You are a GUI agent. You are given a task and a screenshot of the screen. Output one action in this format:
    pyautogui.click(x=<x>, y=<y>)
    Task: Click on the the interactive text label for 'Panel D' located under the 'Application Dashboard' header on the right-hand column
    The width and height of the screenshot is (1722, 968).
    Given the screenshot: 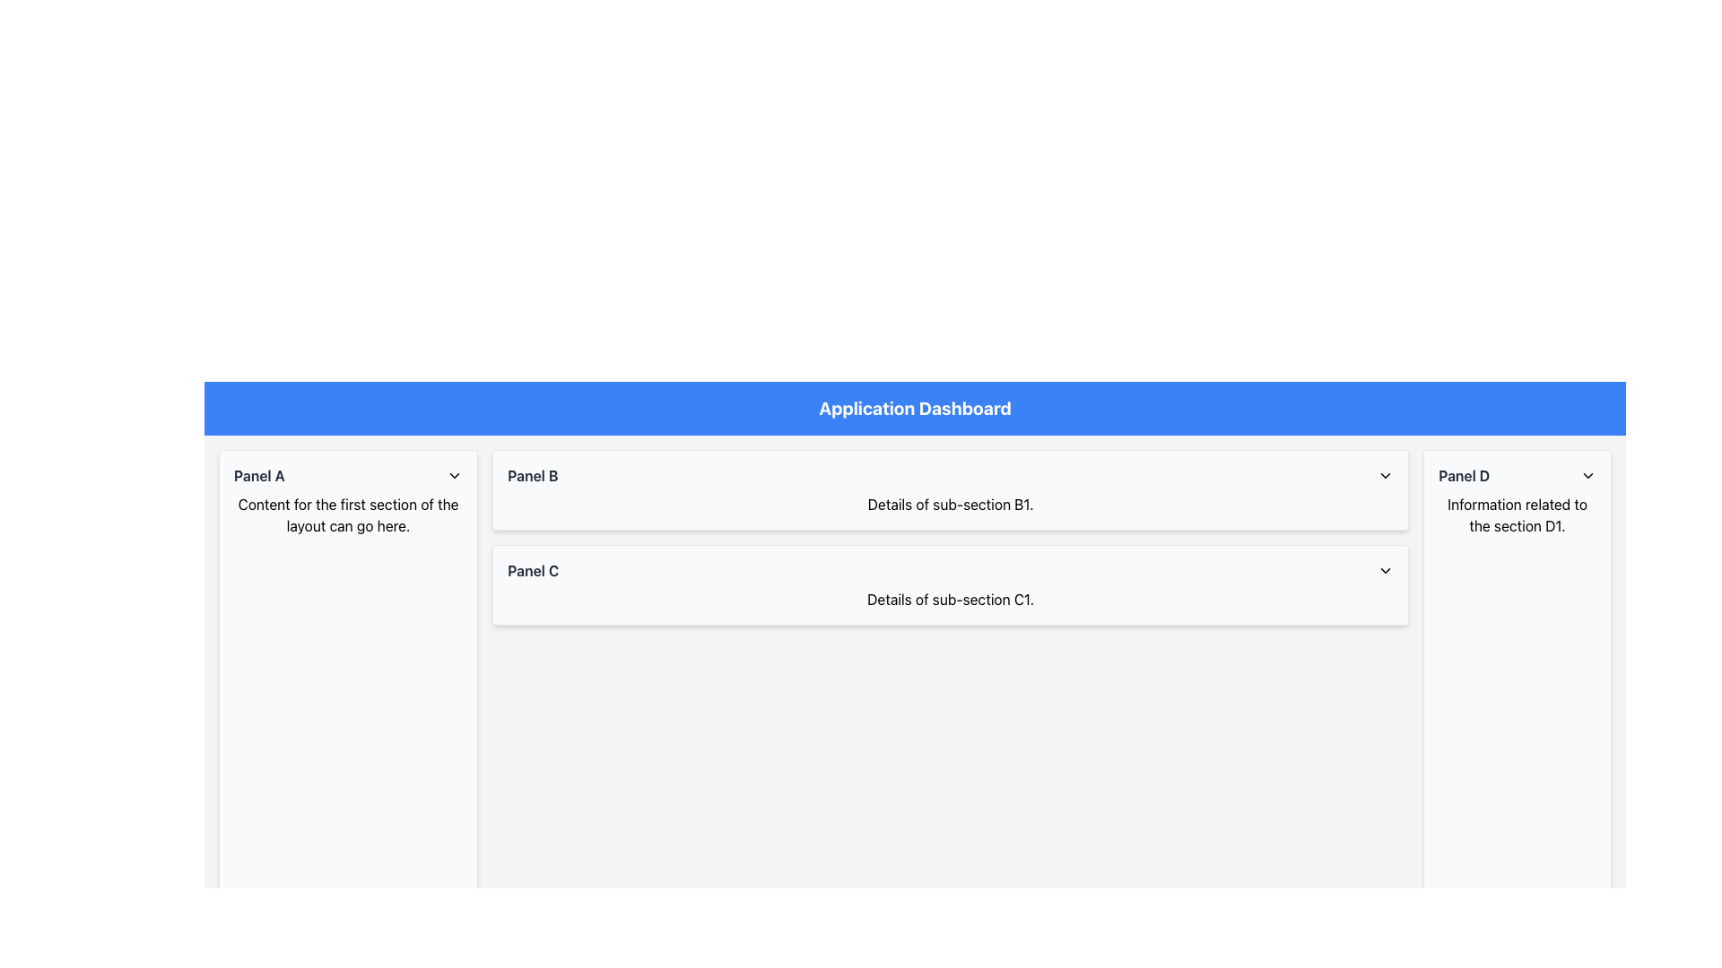 What is the action you would take?
    pyautogui.click(x=1464, y=475)
    